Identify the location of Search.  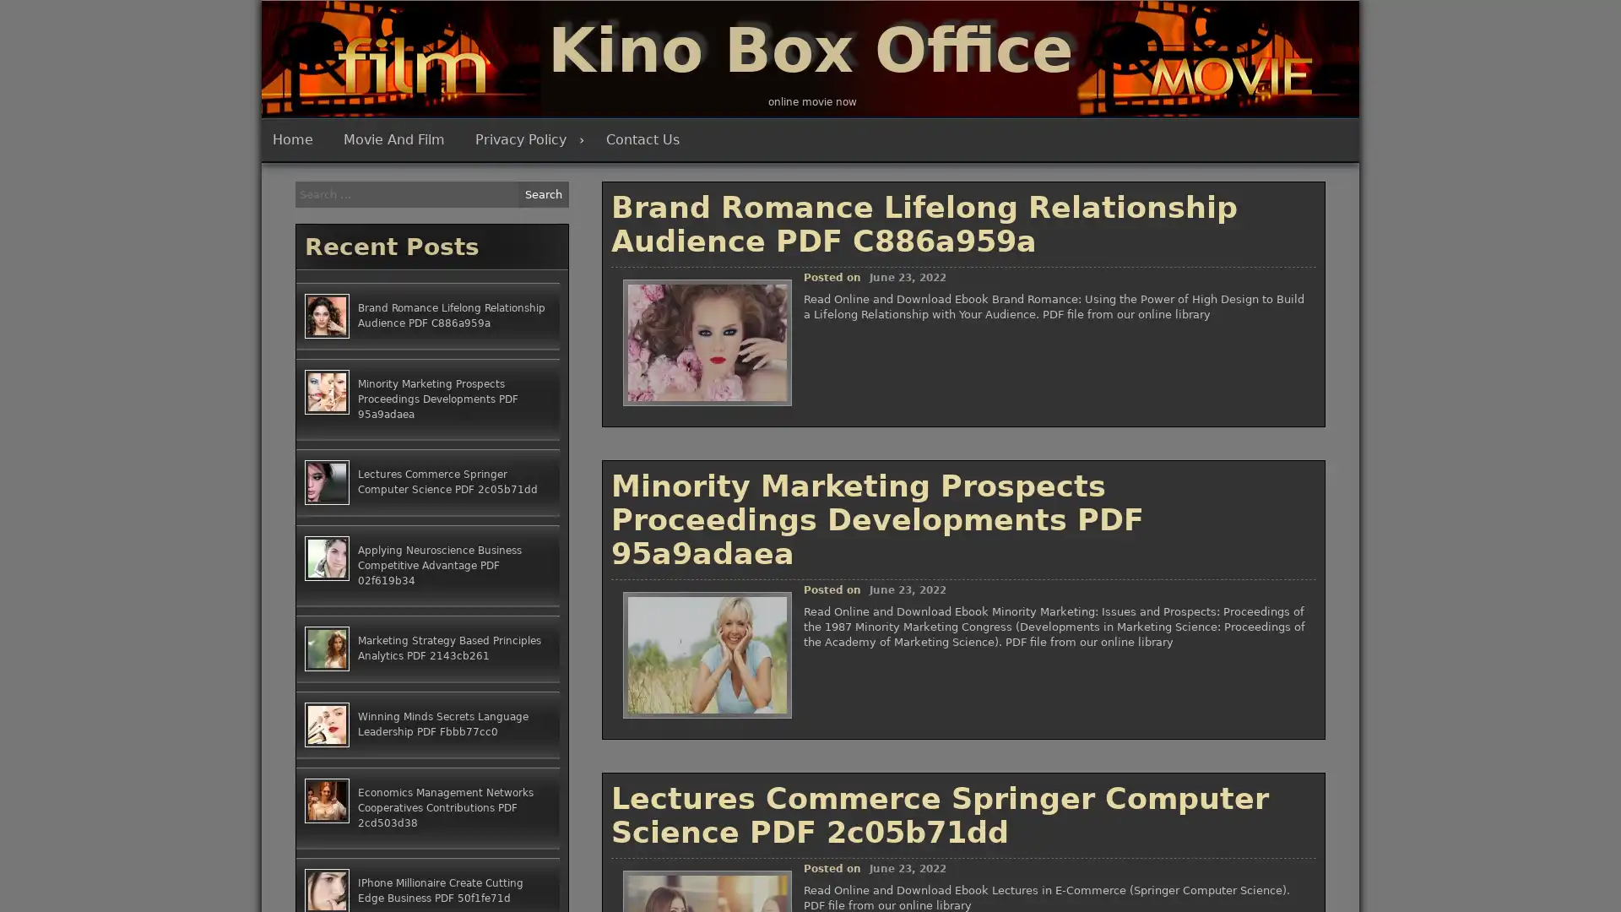
(543, 193).